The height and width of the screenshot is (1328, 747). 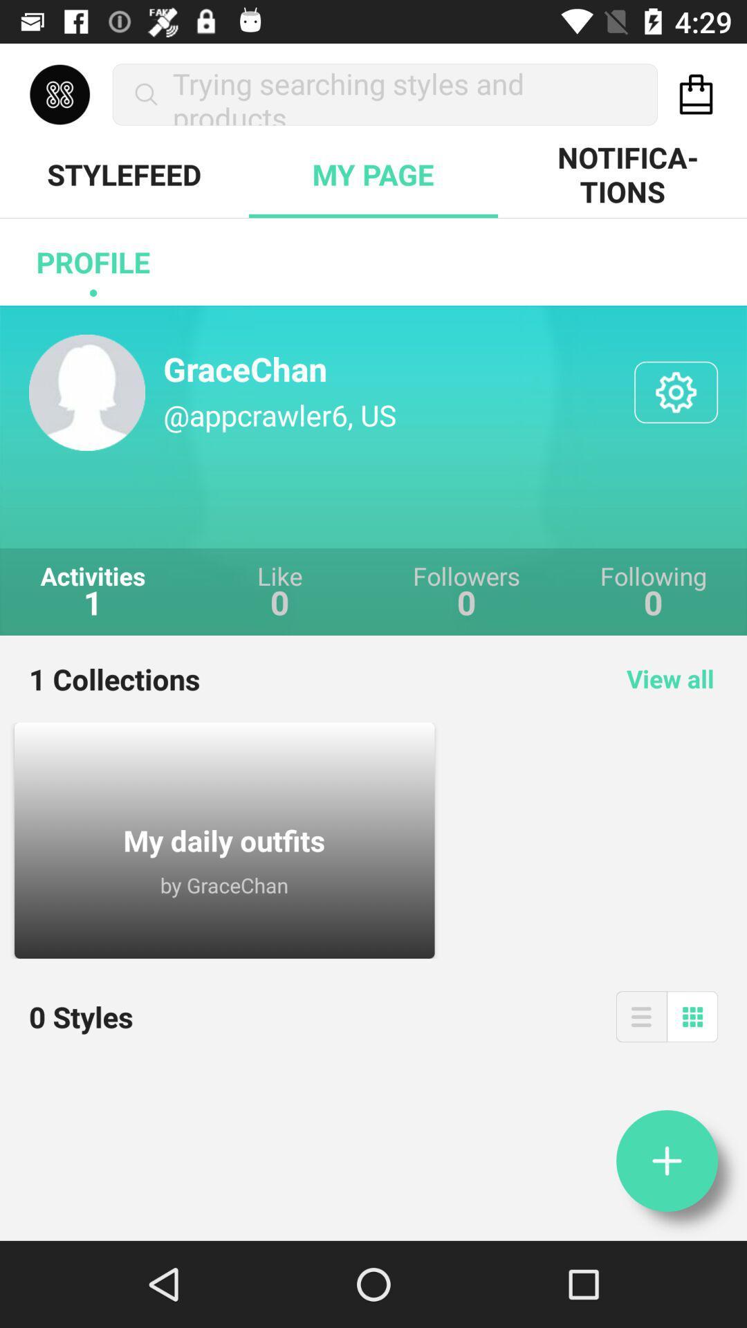 What do you see at coordinates (666, 1161) in the screenshot?
I see `the add icon` at bounding box center [666, 1161].